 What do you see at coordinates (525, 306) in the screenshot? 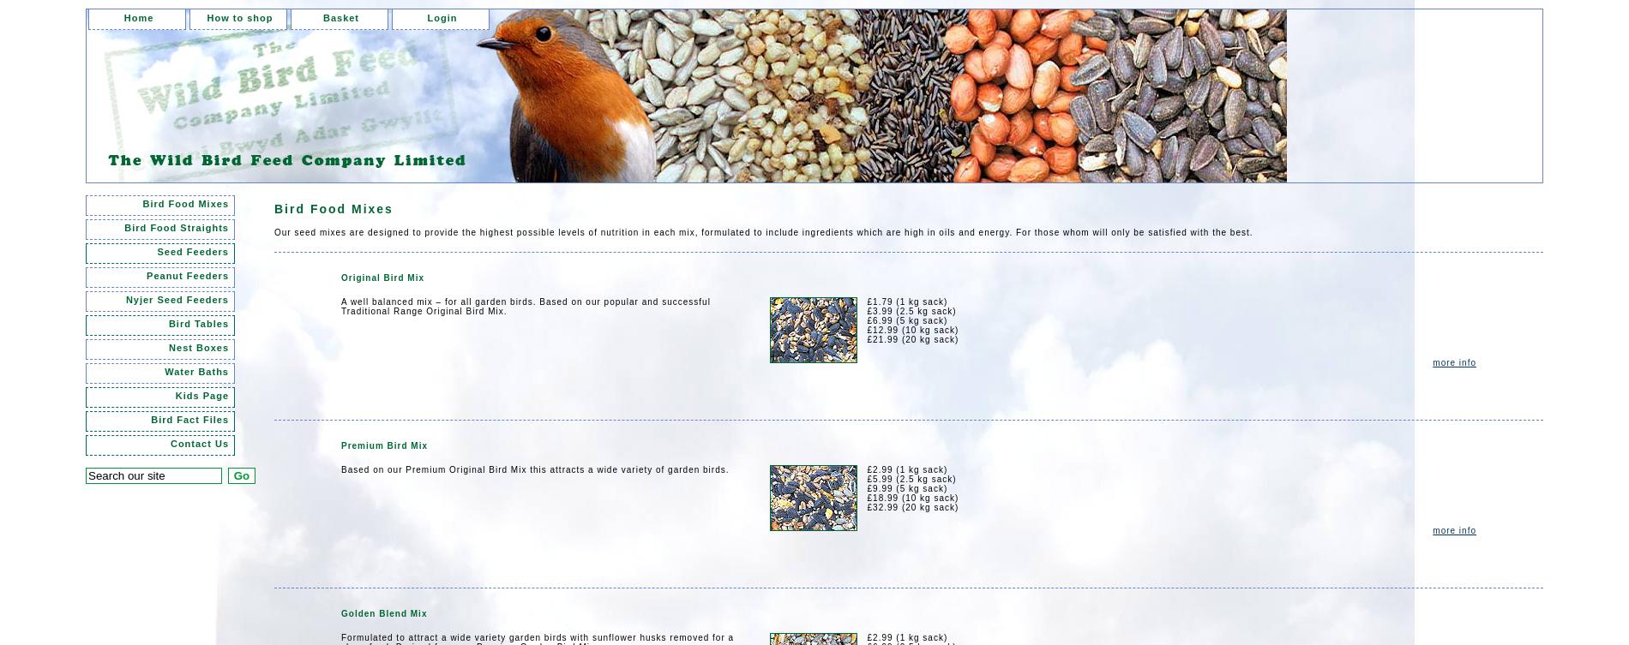
I see `'A well balanced mix – for all garden birds. Based on our popular and successful Traditional Range Original Bird Mix.'` at bounding box center [525, 306].